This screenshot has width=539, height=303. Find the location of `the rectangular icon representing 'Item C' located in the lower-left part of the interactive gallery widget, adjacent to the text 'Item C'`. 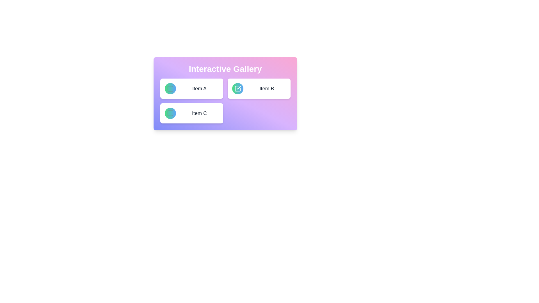

the rectangular icon representing 'Item C' located in the lower-left part of the interactive gallery widget, adjacent to the text 'Item C' is located at coordinates (170, 113).